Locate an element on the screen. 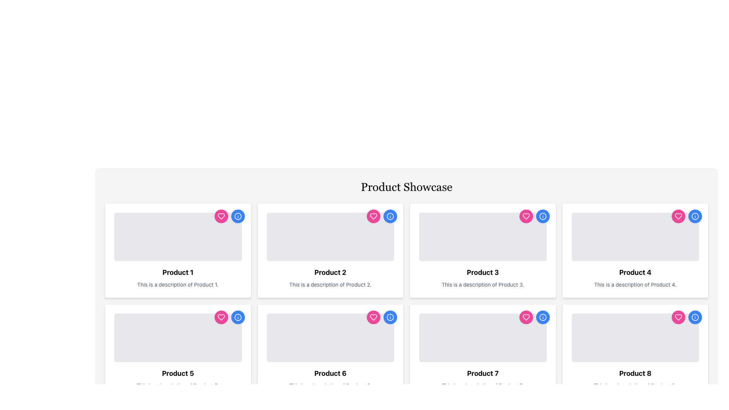 The width and height of the screenshot is (729, 410). the circular information icon with a blue background and white 'i' symbol, located in the top-right corner of the 'Product 8' card is located at coordinates (695, 317).